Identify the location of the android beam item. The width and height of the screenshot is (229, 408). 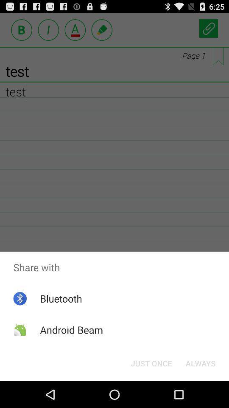
(71, 329).